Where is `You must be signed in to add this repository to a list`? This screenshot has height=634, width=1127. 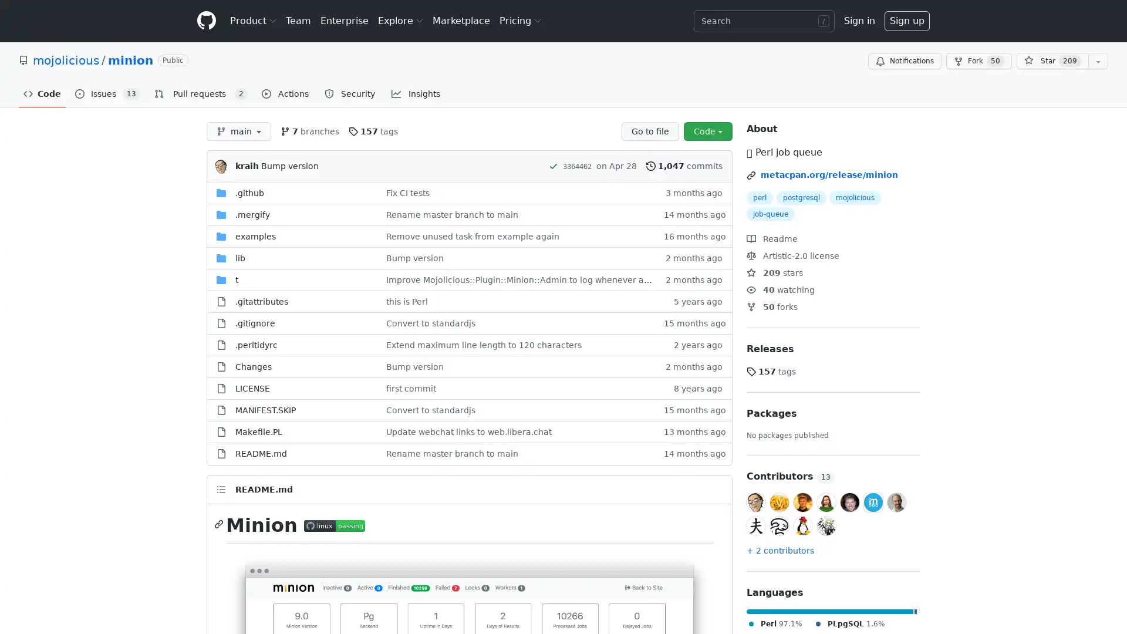
You must be signed in to add this repository to a list is located at coordinates (1098, 61).